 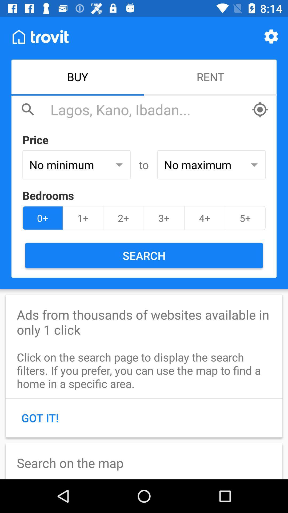 I want to click on item above rent, so click(x=271, y=36).